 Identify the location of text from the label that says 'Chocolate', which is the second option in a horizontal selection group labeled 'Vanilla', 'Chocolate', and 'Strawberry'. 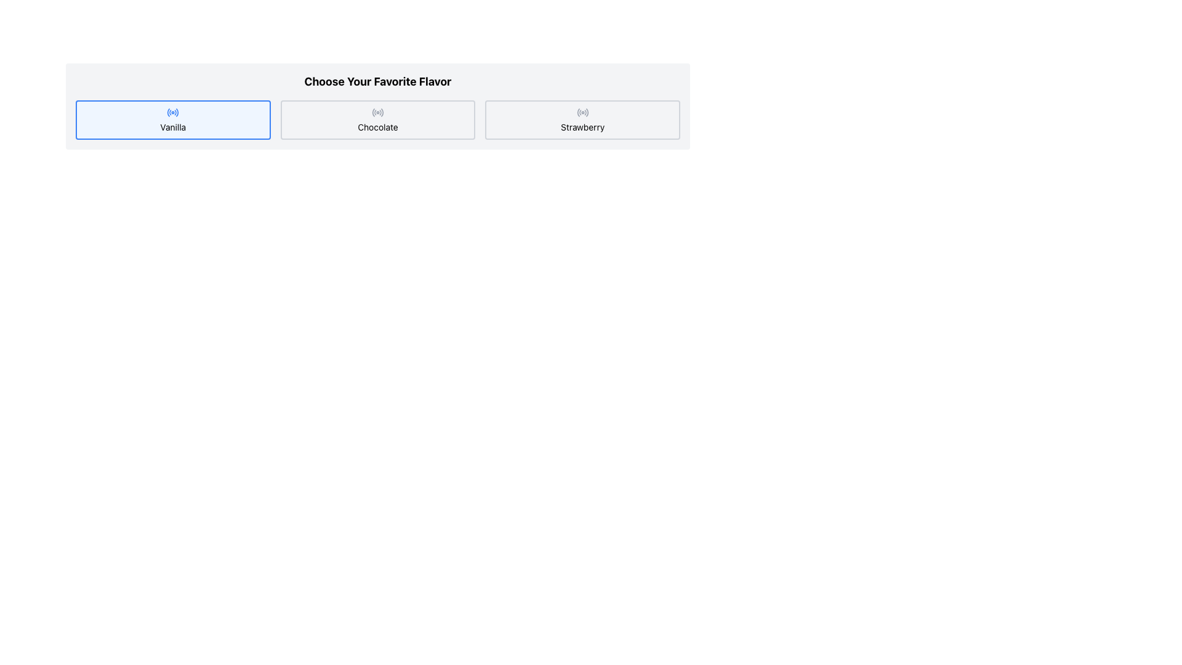
(377, 127).